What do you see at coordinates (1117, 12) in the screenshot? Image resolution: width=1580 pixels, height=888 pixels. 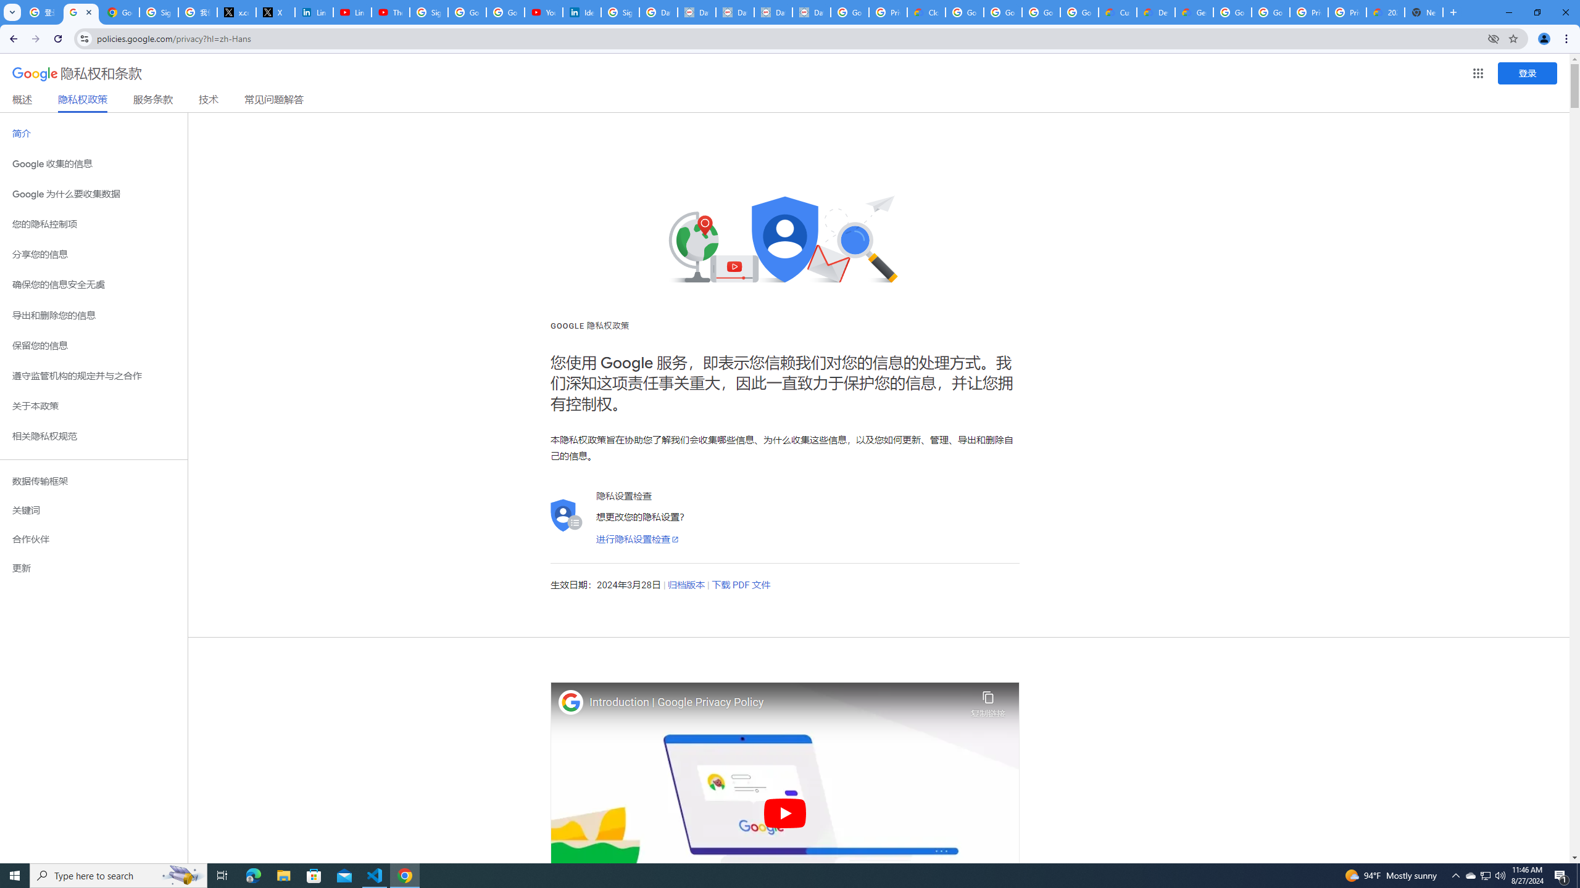 I see `'Customer Care | Google Cloud'` at bounding box center [1117, 12].